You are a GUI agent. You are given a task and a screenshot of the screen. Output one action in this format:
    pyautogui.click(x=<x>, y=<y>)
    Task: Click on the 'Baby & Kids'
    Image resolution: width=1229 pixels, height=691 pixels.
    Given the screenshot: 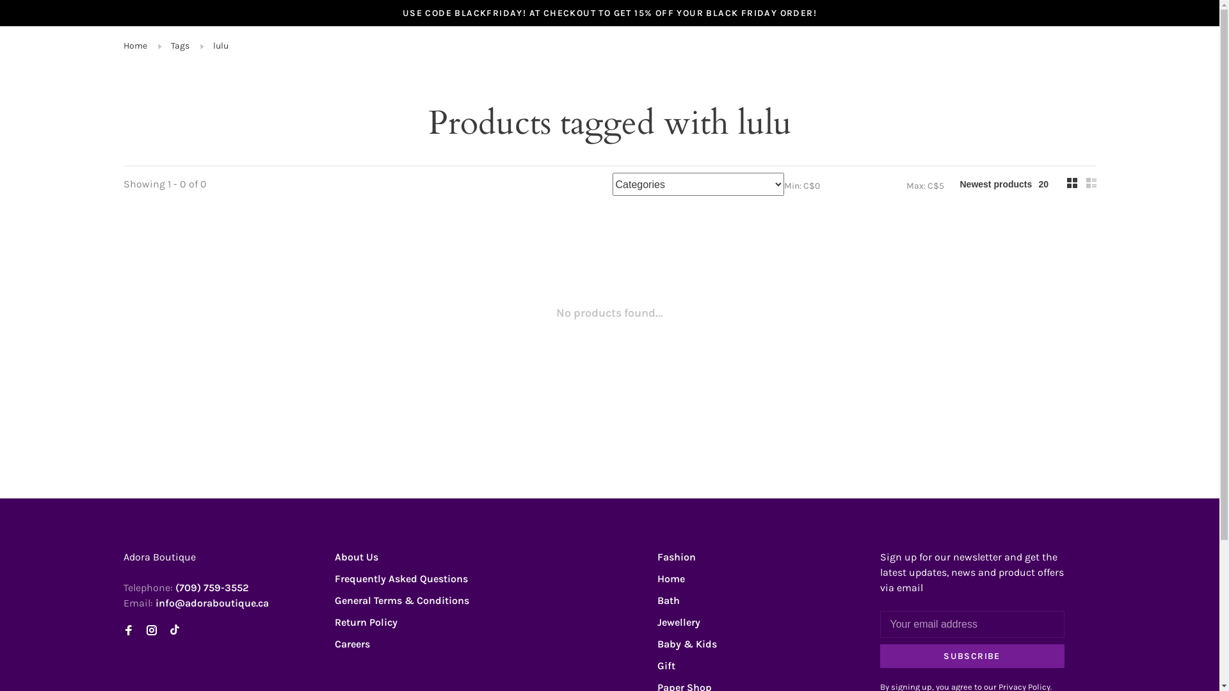 What is the action you would take?
    pyautogui.click(x=686, y=644)
    